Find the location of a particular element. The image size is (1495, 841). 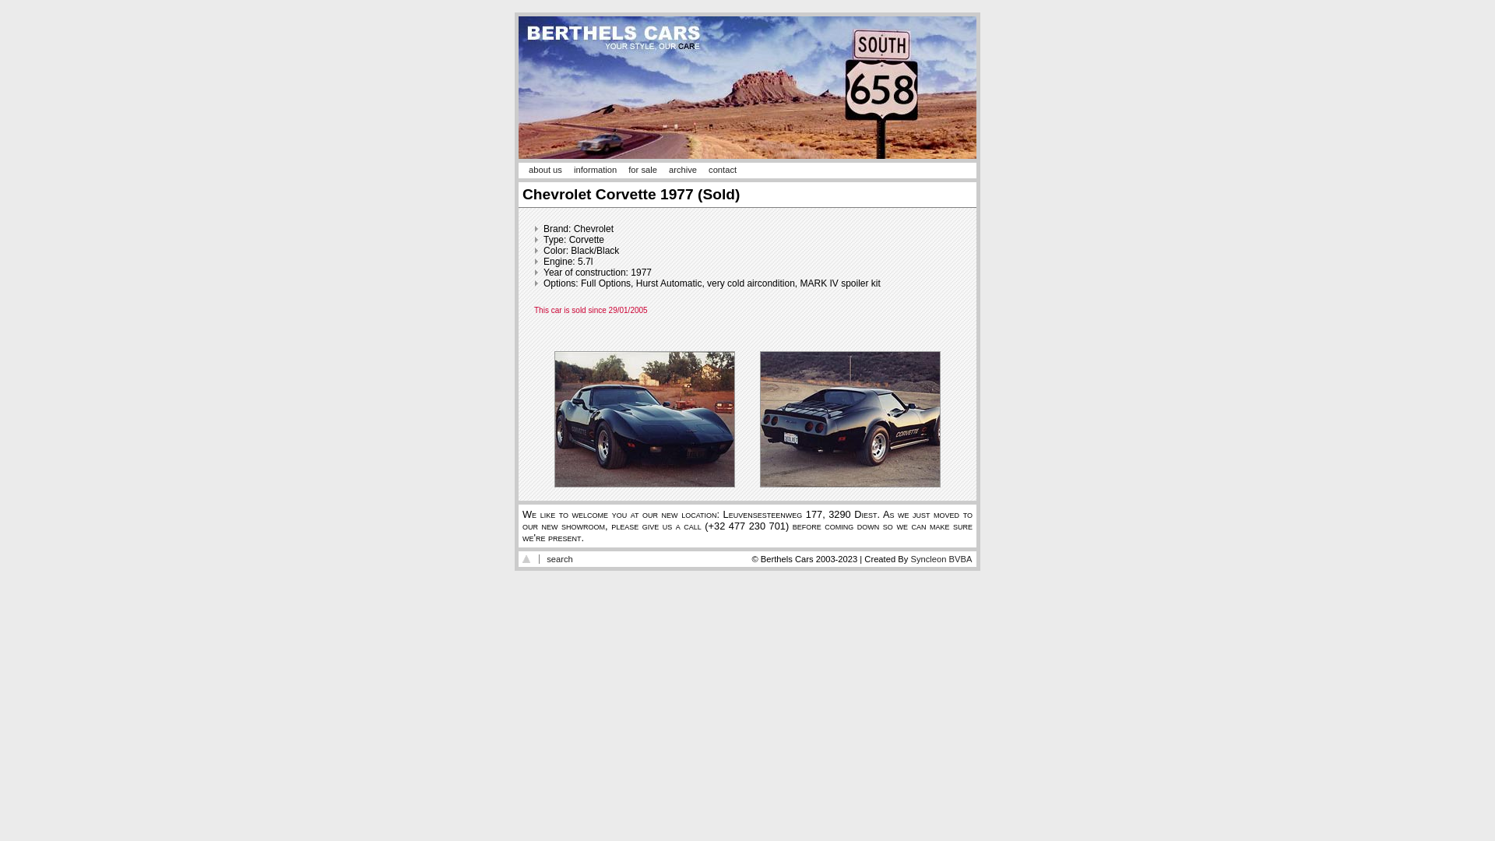

'archive' is located at coordinates (683, 170).